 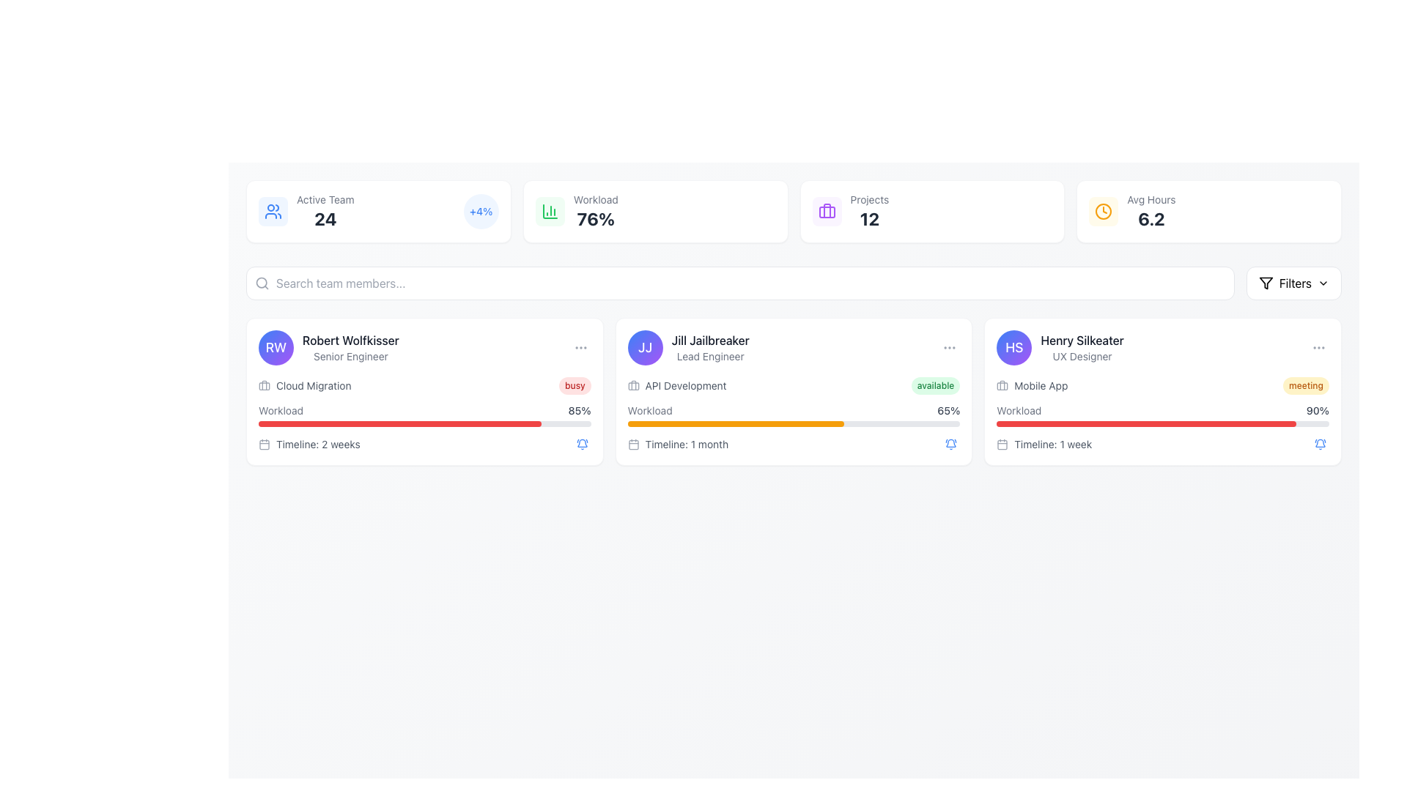 I want to click on the calendar icon located in the first card under the 'Timeline: 2 weeks' text, which serves as an indicative element of the timeline, so click(x=264, y=443).